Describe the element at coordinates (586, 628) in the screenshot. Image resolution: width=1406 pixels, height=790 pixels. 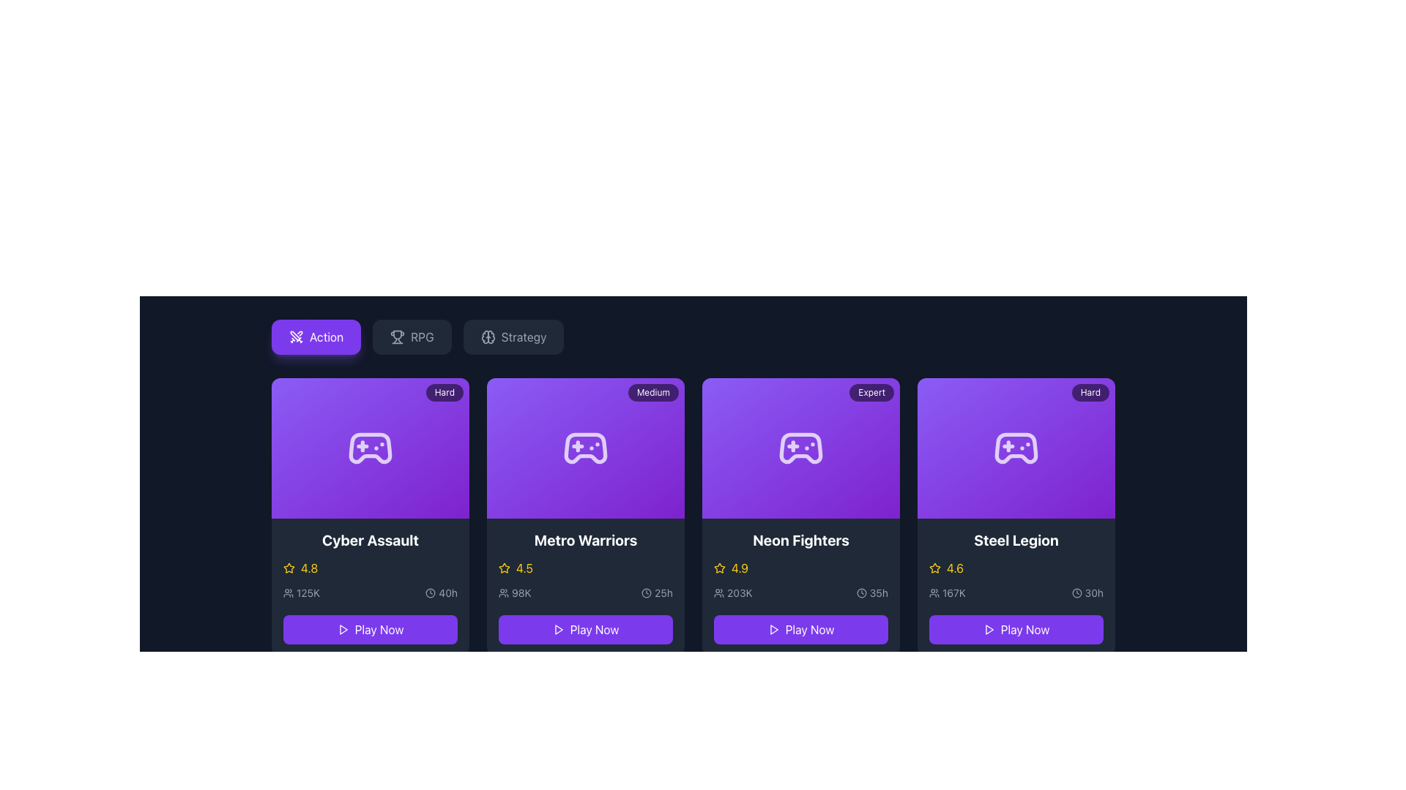
I see `the 'Play Now' button with the violet background` at that location.